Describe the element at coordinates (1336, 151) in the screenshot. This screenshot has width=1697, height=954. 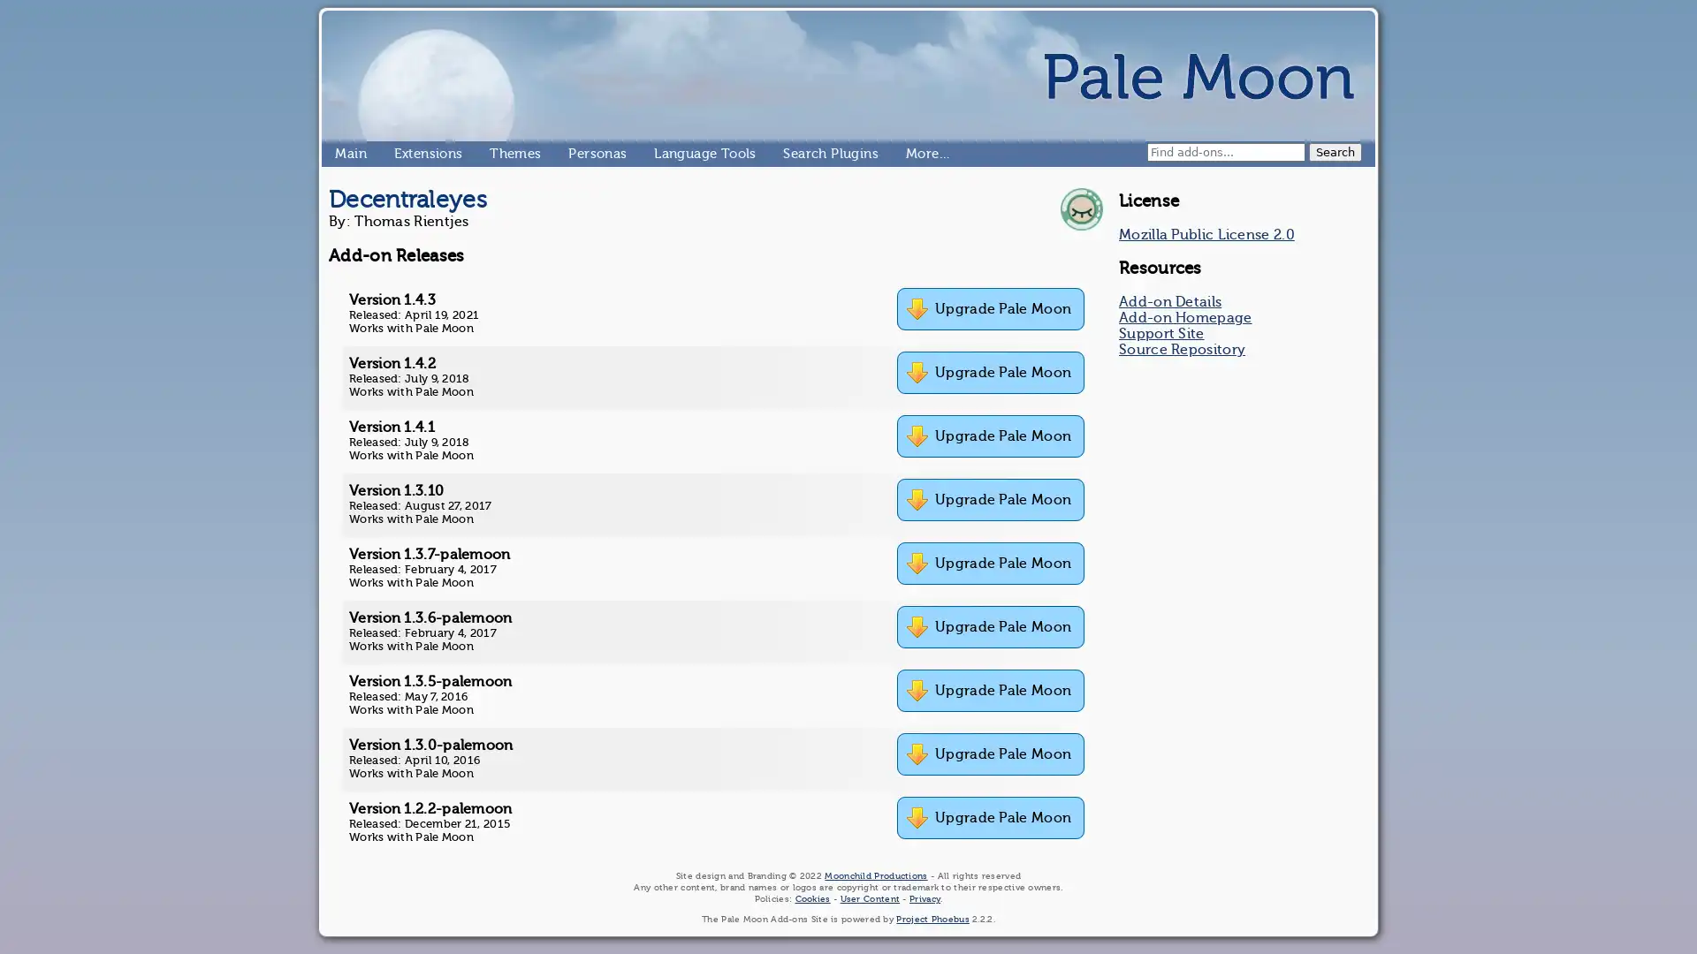
I see `Search` at that location.